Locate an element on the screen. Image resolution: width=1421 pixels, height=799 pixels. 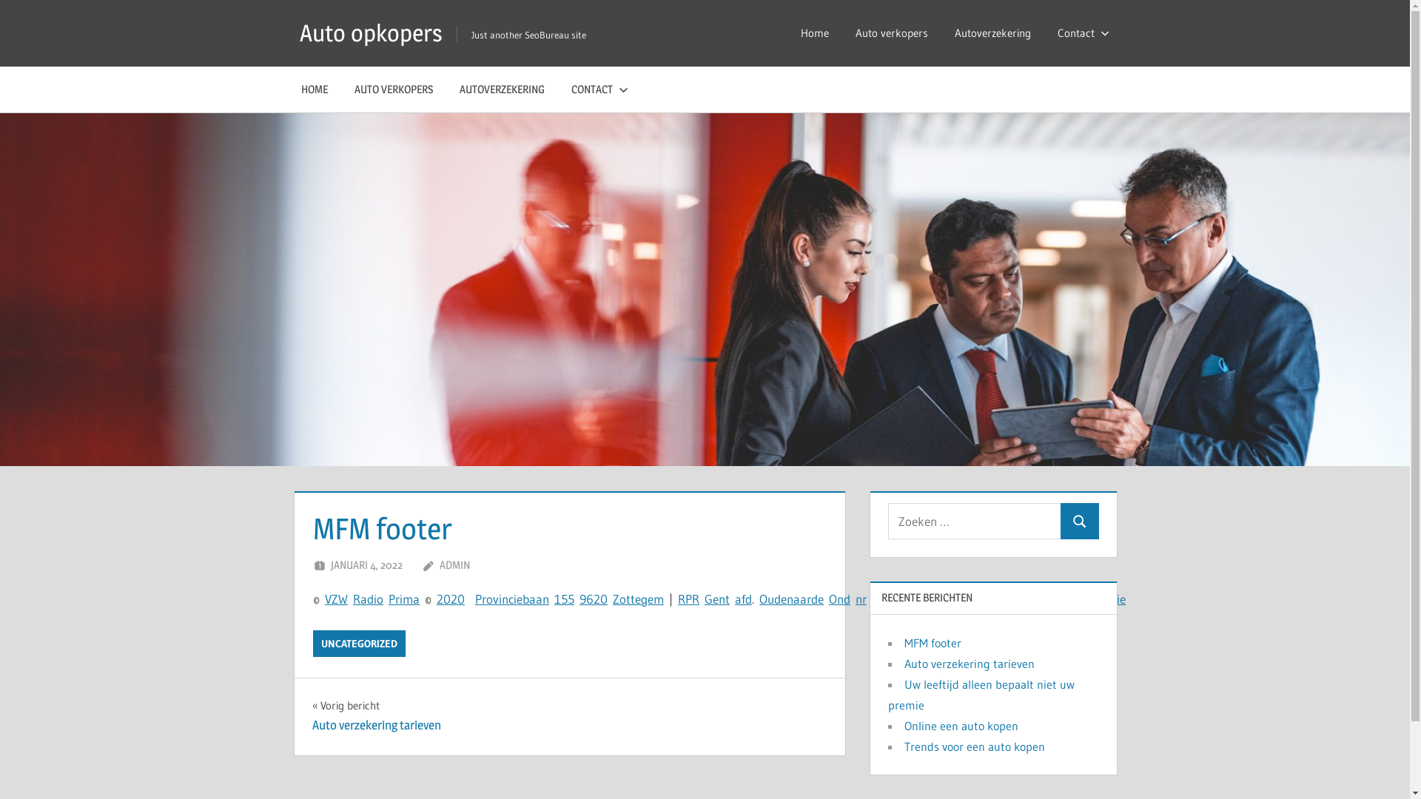
'Trends voor een auto kopen' is located at coordinates (904, 746).